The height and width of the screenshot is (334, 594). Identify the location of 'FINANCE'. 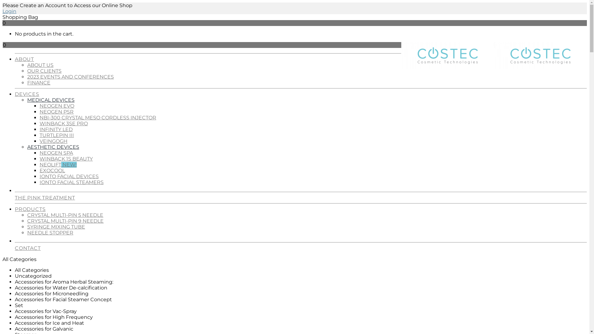
(38, 82).